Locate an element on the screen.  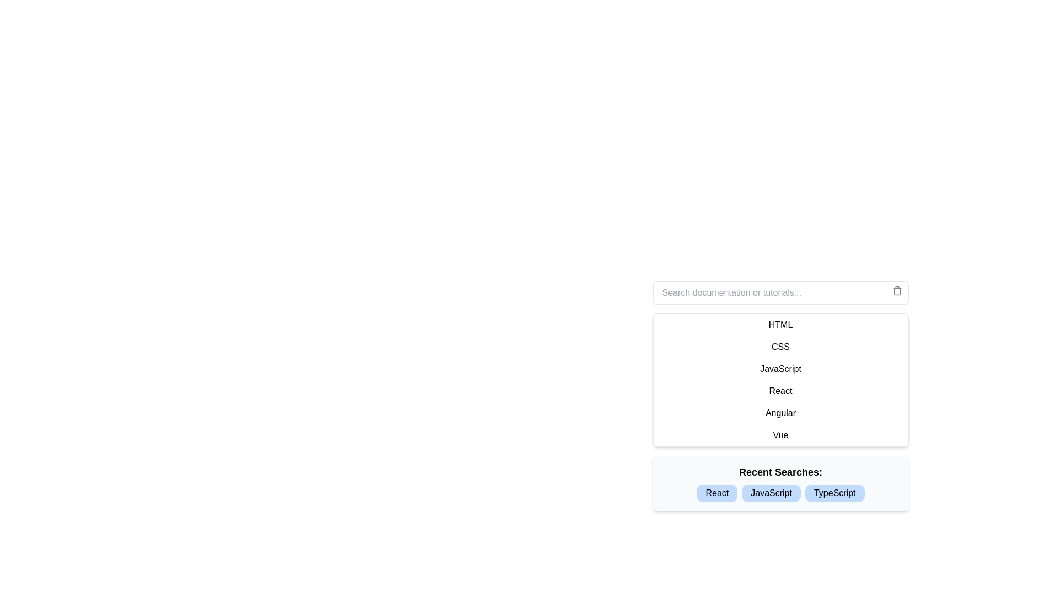
a tag within the 'Recent Searches:' section is located at coordinates (780, 482).